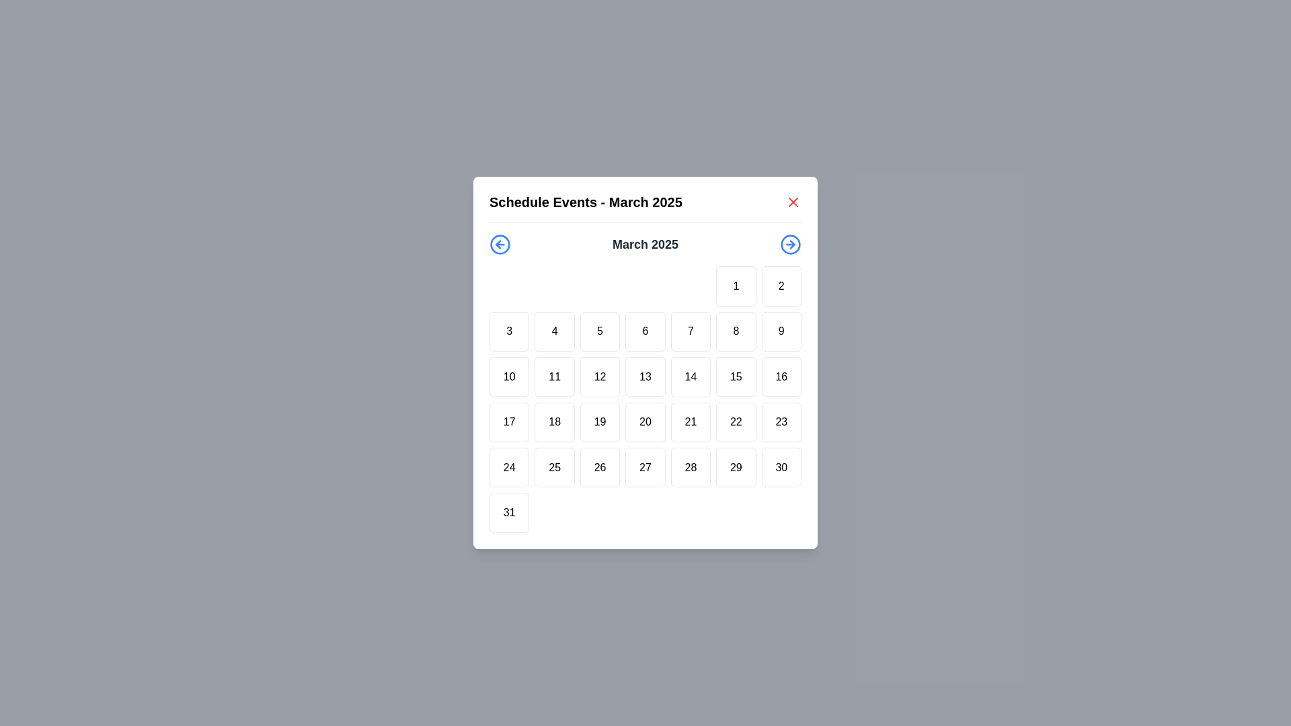 The width and height of the screenshot is (1291, 726). Describe the element at coordinates (508, 285) in the screenshot. I see `the placeholder element located in the top row of the grid layout, which occupies the first slot and is surrounded by other elements, specifically the item labeled '1' in the second slot` at that location.